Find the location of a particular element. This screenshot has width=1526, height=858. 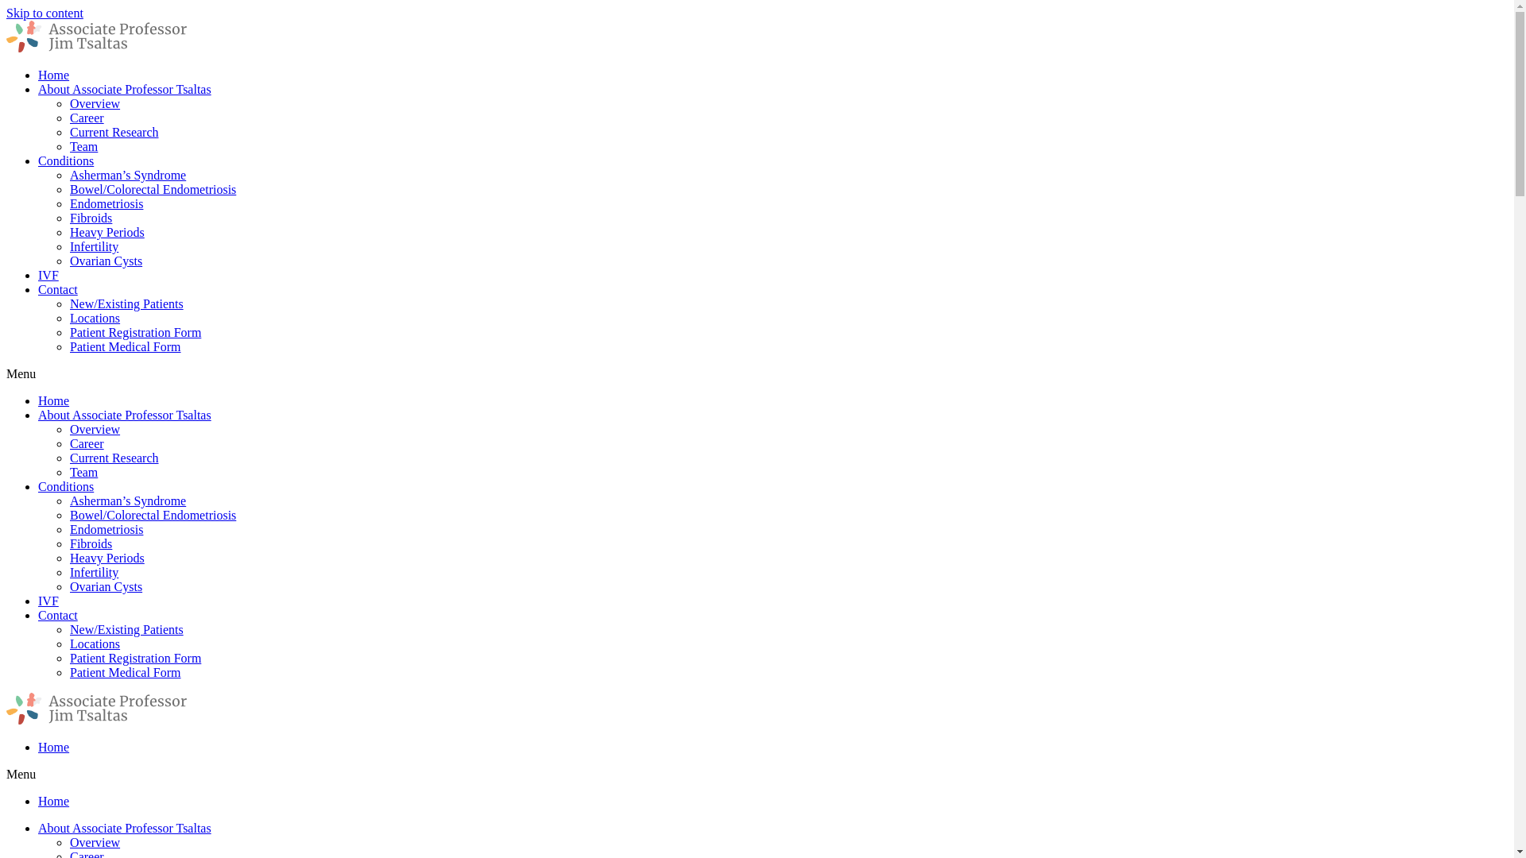

'Ovarian Cysts' is located at coordinates (105, 586).